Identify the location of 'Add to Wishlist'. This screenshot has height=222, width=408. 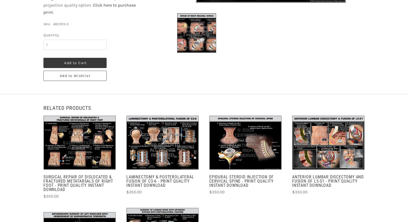
(75, 75).